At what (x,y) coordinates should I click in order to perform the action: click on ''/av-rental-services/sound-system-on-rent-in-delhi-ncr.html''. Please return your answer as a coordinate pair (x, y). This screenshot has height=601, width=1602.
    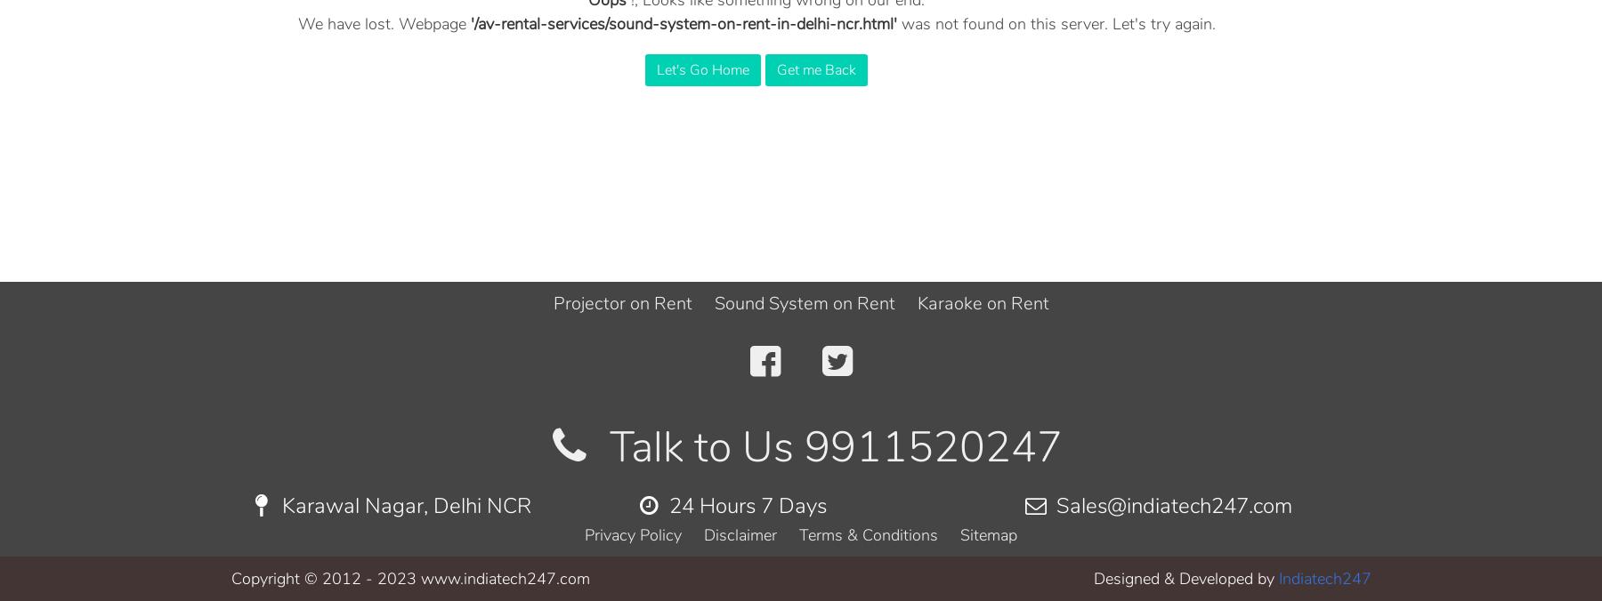
    Looking at the image, I should click on (682, 22).